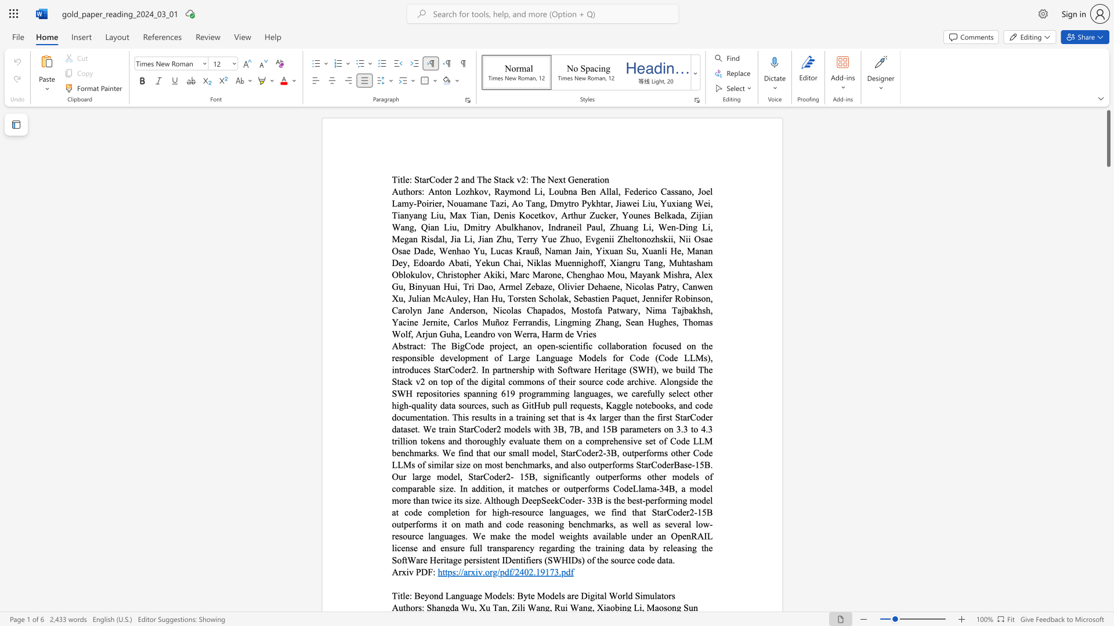 The width and height of the screenshot is (1114, 626). Describe the element at coordinates (1108, 313) in the screenshot. I see `the scrollbar on the right to move the page downward` at that location.